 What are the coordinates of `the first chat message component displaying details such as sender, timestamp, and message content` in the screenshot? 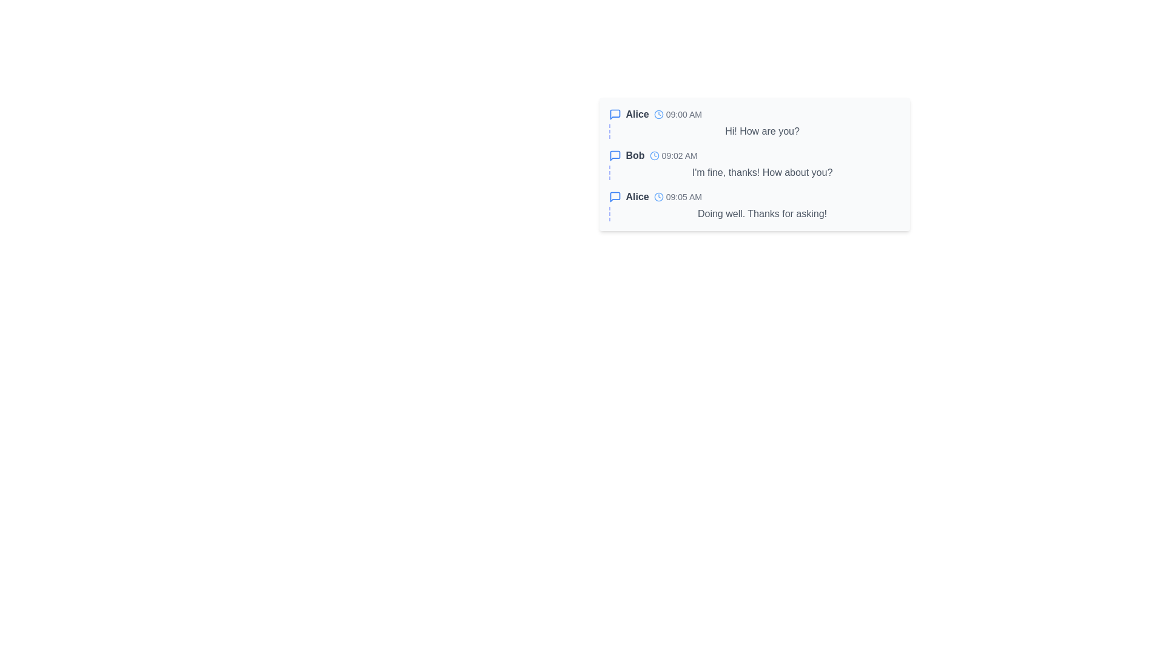 It's located at (754, 123).